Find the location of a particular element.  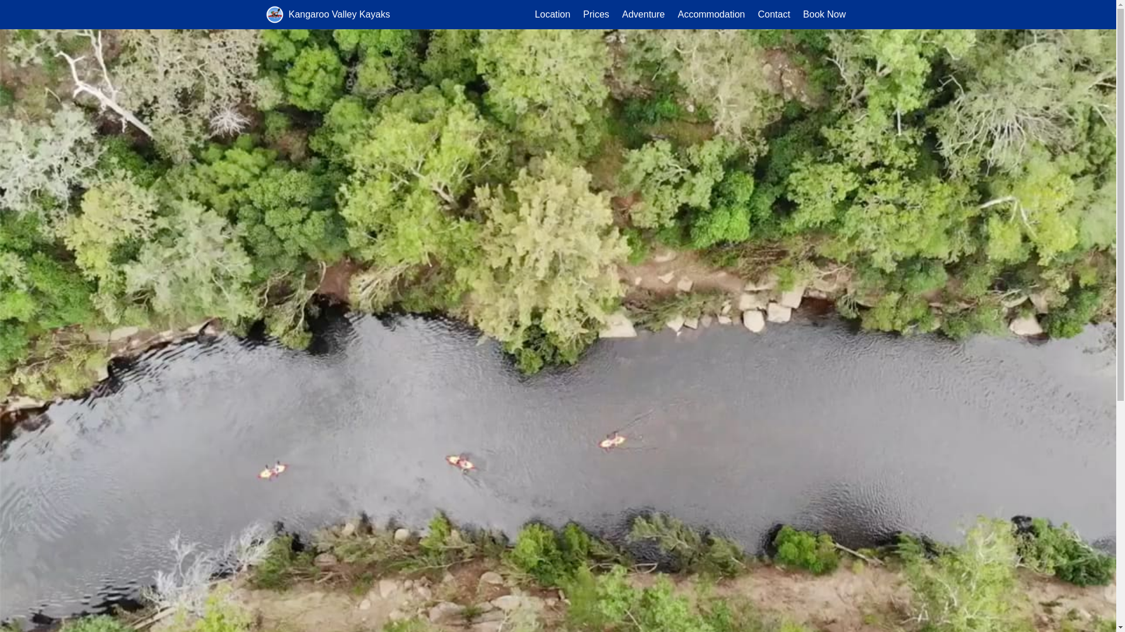

'Location' is located at coordinates (552, 14).